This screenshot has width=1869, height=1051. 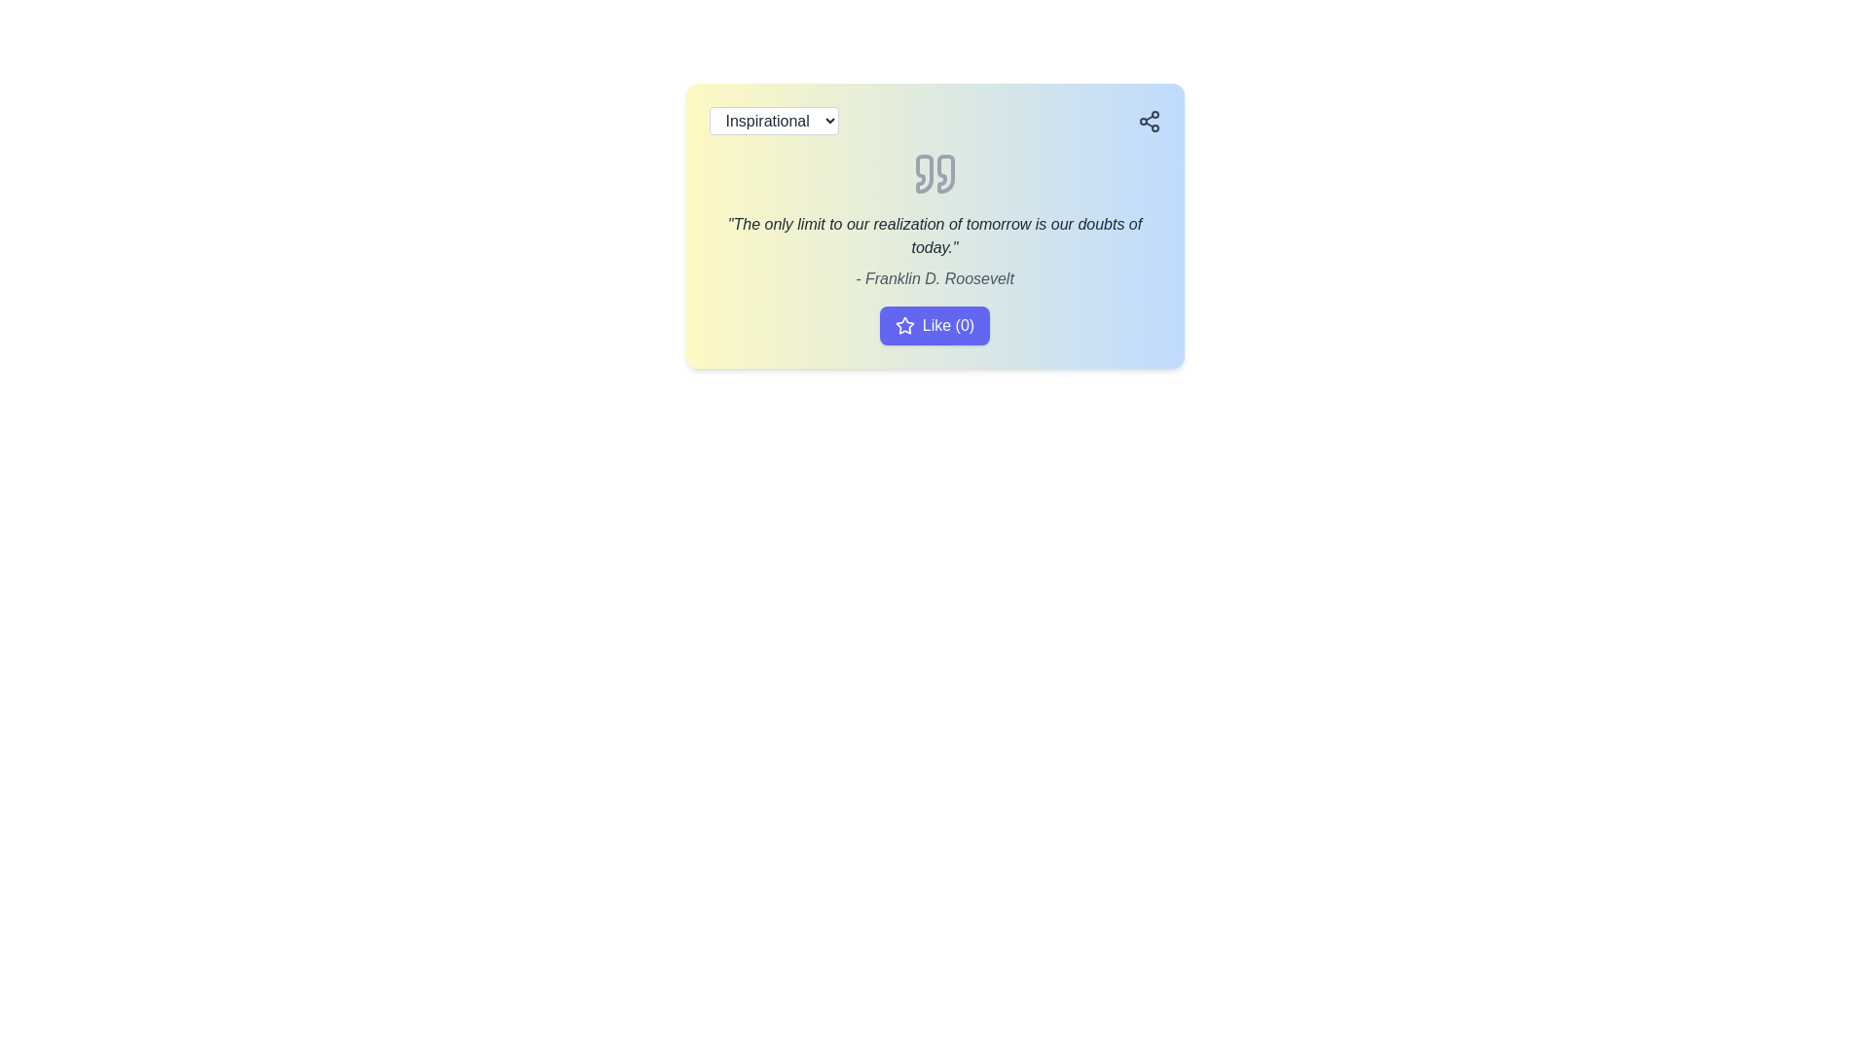 I want to click on the star-shaped icon adjacent to the text 'Like (0)' within the button at the bottom of the displayed card, so click(x=903, y=325).